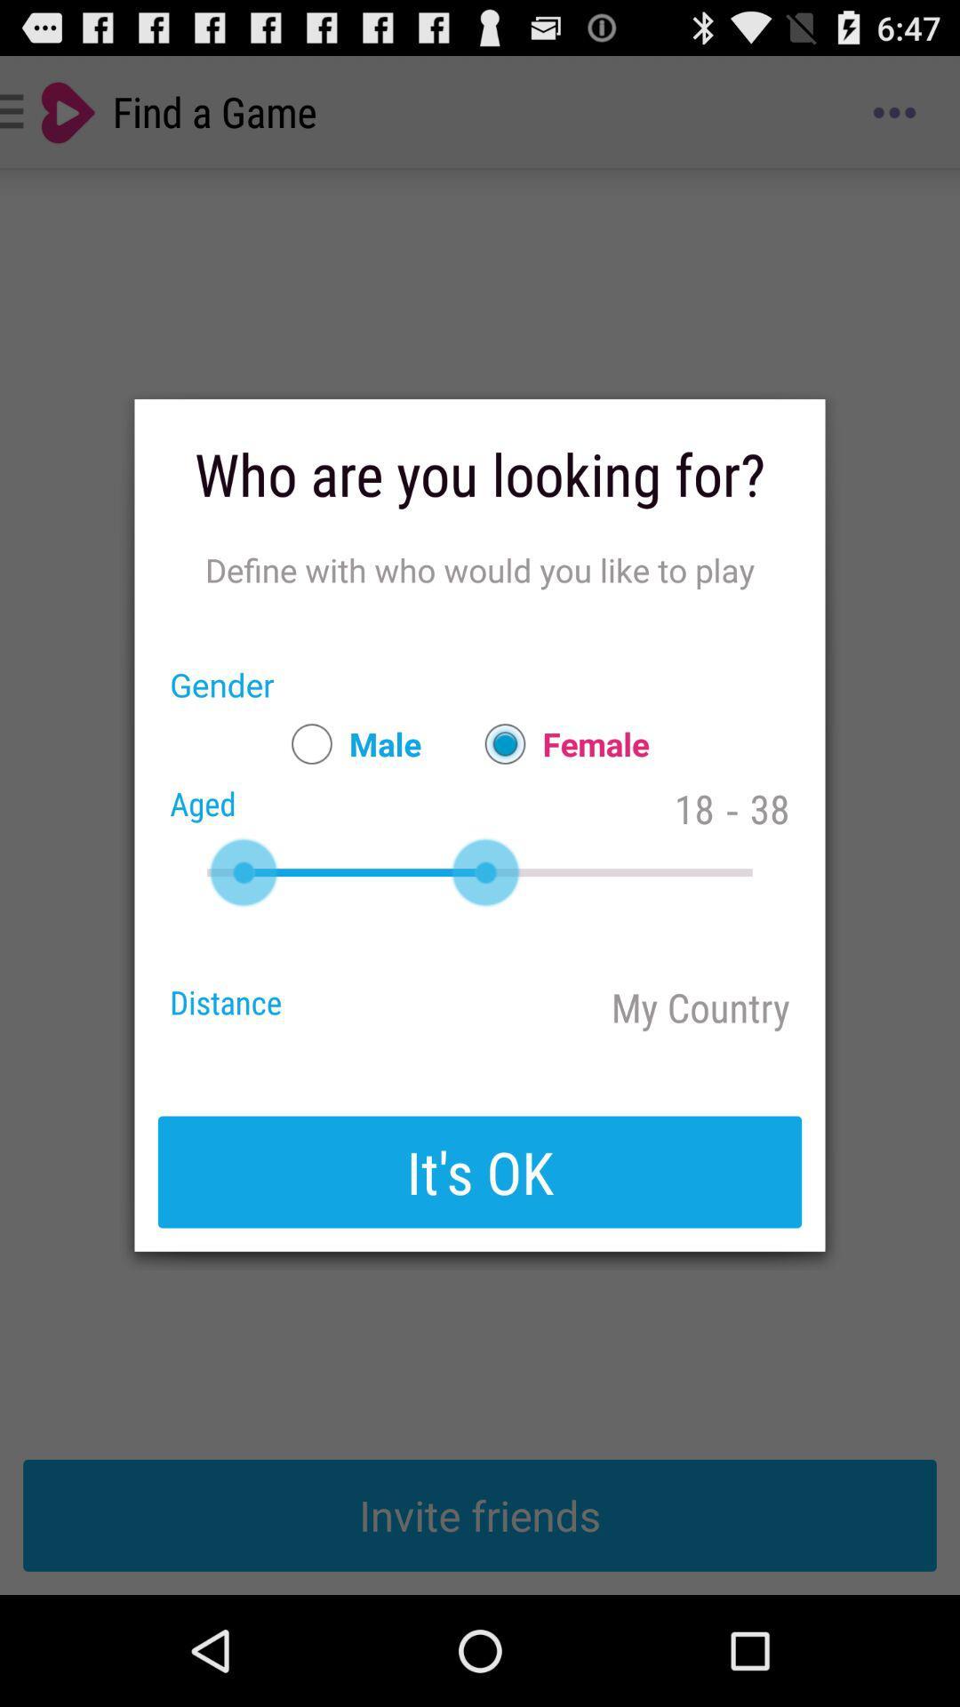 The height and width of the screenshot is (1707, 960). What do you see at coordinates (557, 743) in the screenshot?
I see `app below define with who app` at bounding box center [557, 743].